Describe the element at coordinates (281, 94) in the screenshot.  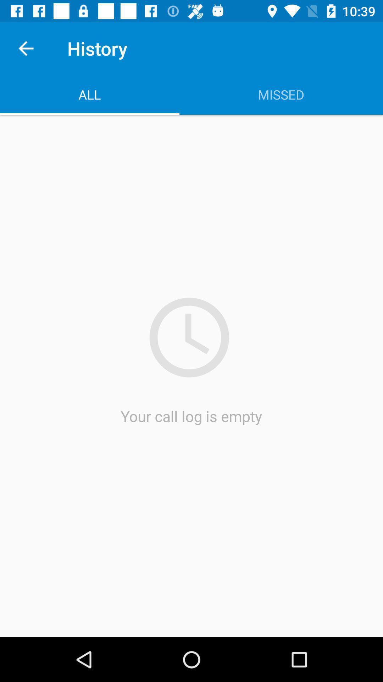
I see `the app next to all app` at that location.